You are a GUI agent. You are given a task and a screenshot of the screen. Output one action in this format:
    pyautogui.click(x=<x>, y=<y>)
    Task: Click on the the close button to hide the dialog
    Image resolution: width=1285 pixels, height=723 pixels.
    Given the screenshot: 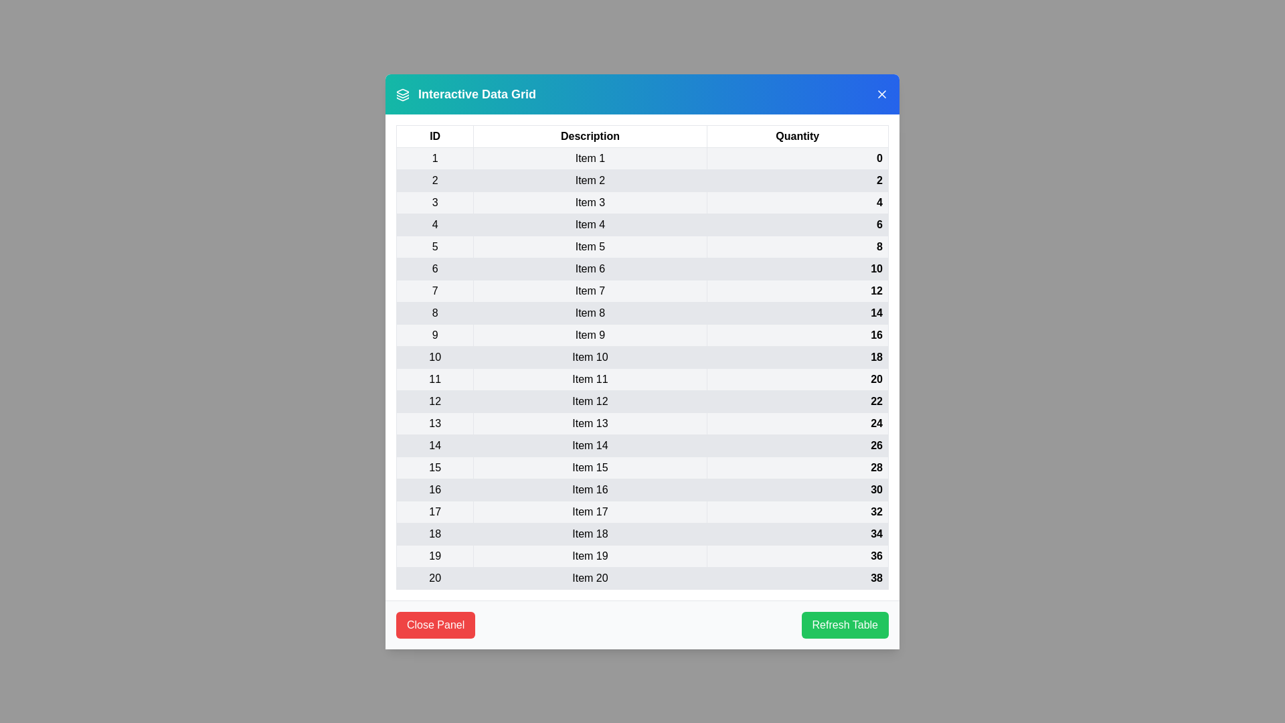 What is the action you would take?
    pyautogui.click(x=882, y=93)
    